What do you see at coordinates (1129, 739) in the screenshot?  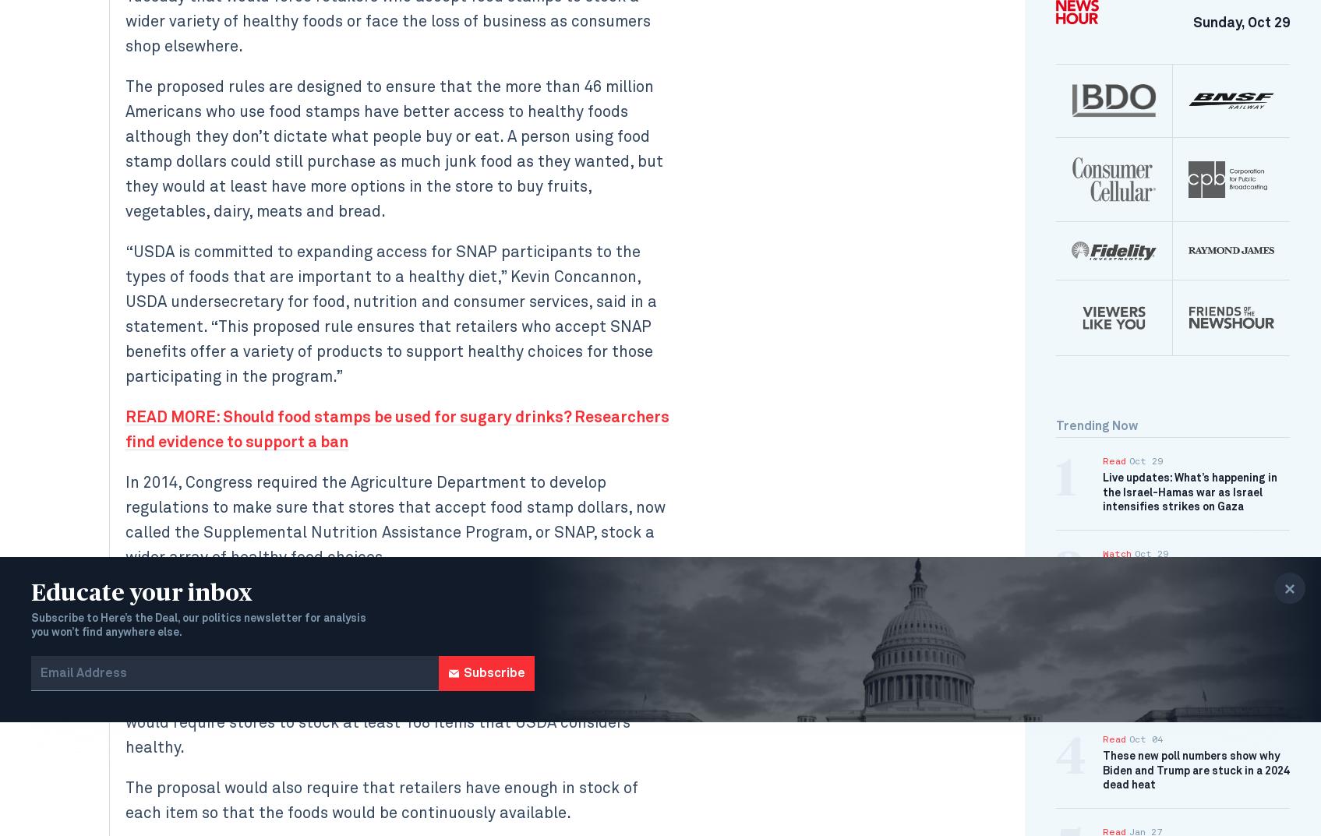 I see `'Oct 04'` at bounding box center [1129, 739].